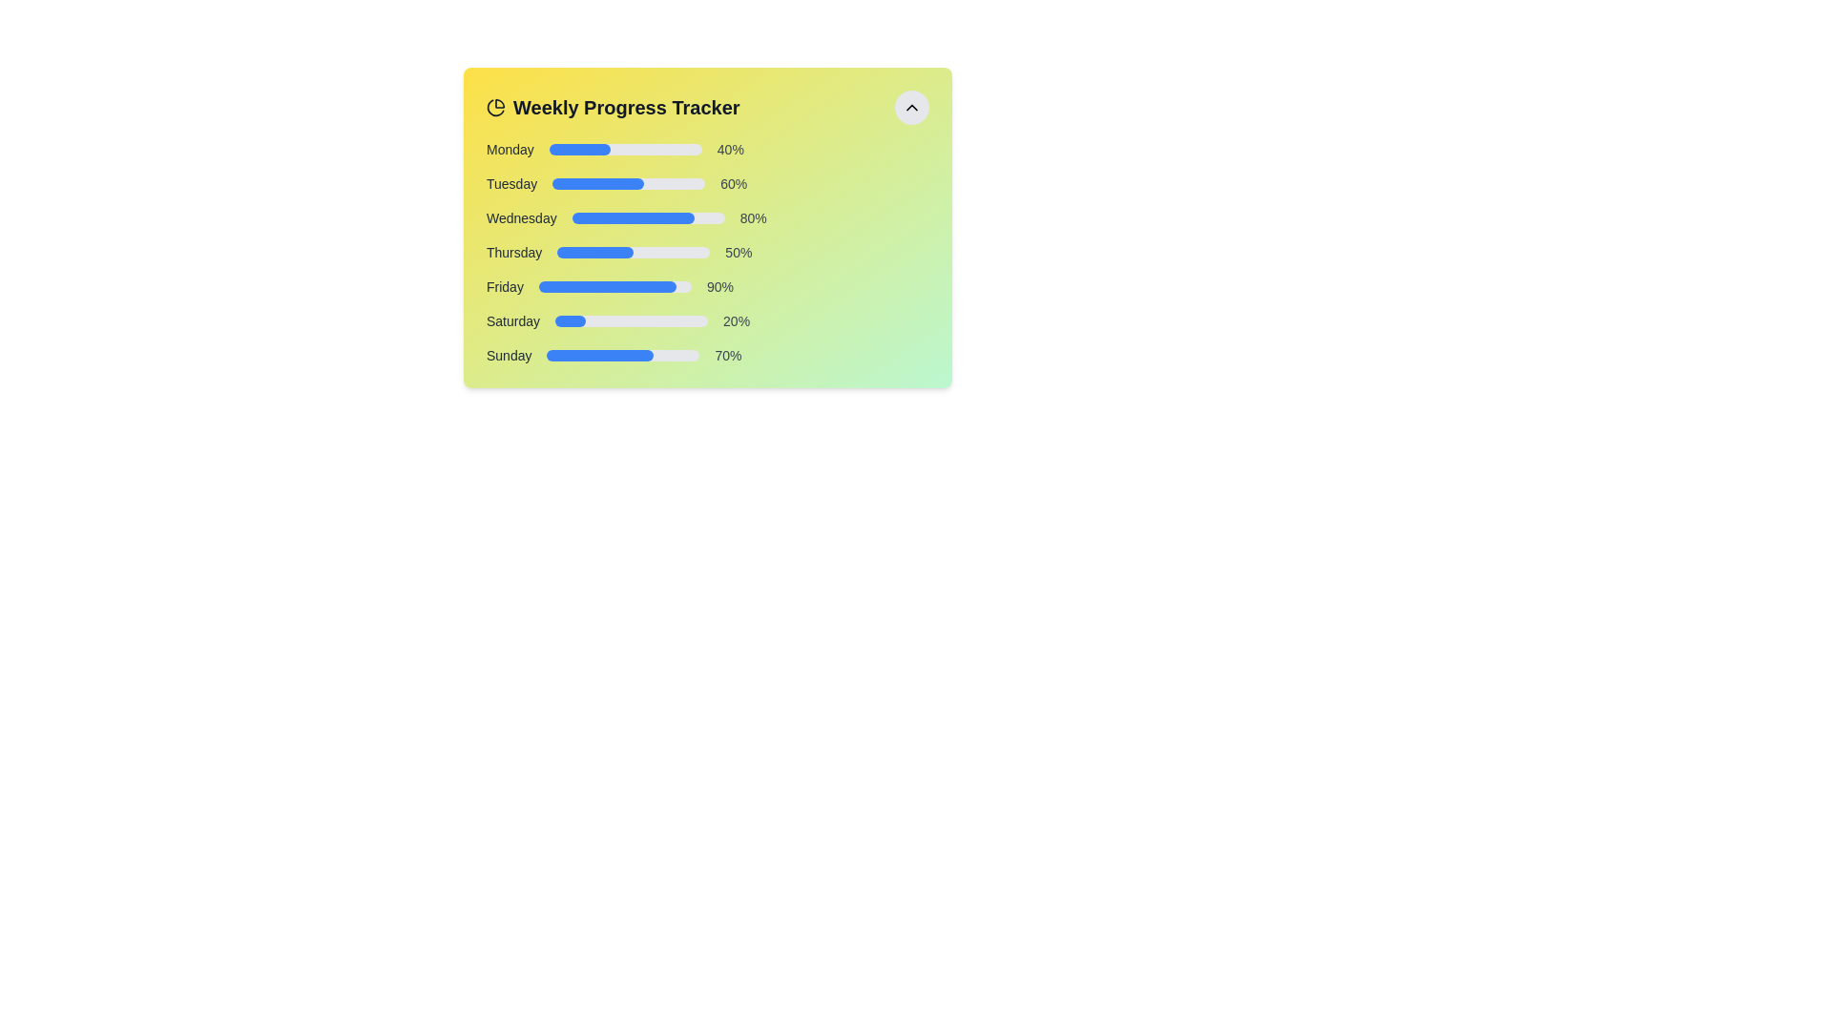 The height and width of the screenshot is (1030, 1832). Describe the element at coordinates (511, 183) in the screenshot. I see `the text label displaying 'Tuesday' aligned to the left, which is located below the 'Weekly Progress Tracker' heading and adjacent to Tuesday's progress bar` at that location.